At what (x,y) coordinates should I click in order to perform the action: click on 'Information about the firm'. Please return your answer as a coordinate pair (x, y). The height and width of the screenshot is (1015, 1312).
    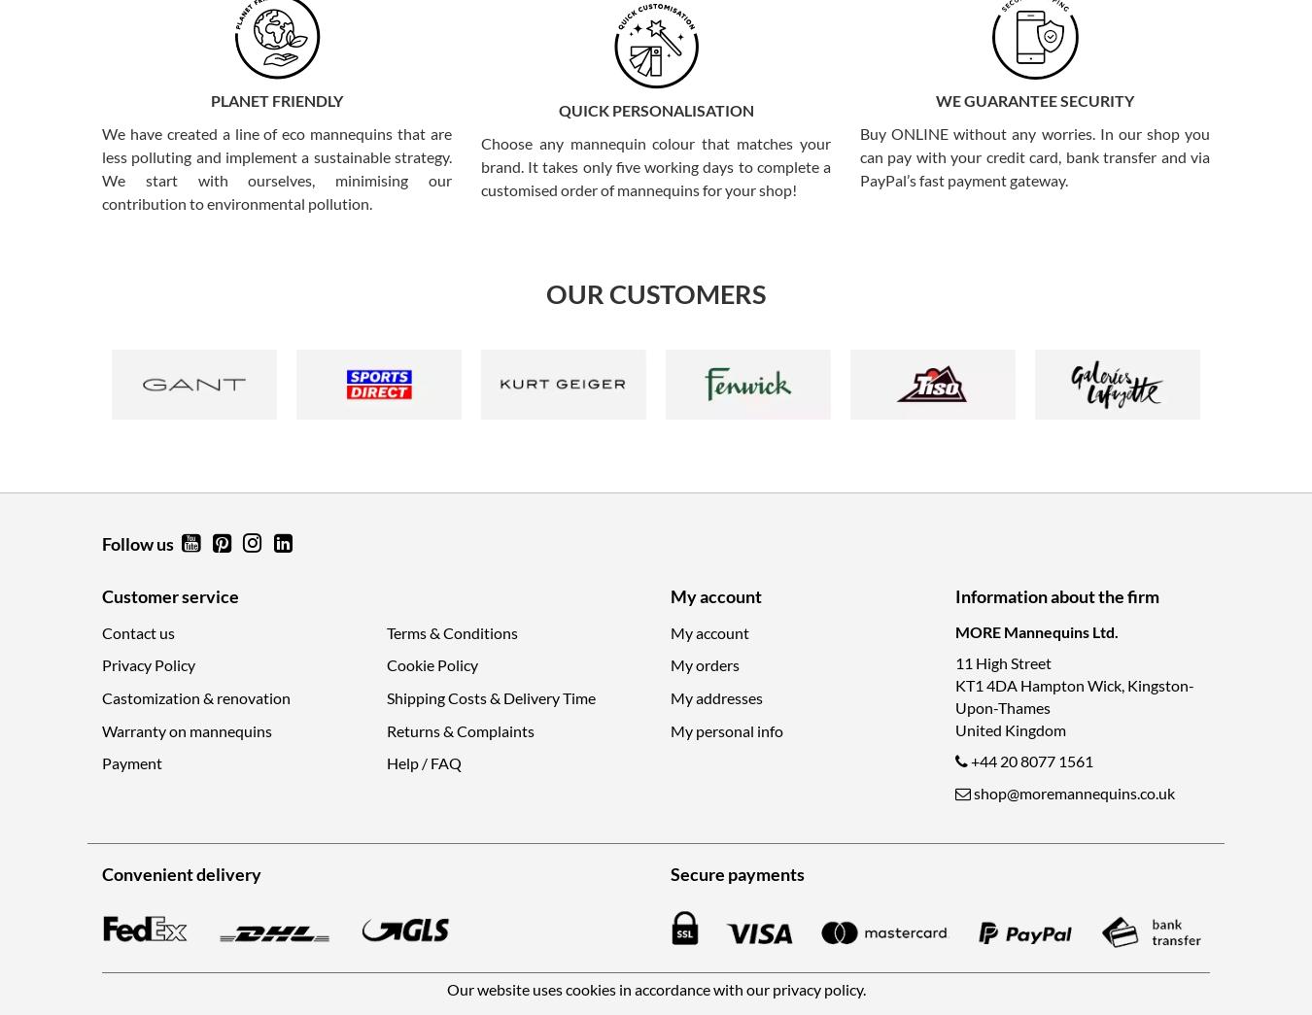
    Looking at the image, I should click on (1056, 593).